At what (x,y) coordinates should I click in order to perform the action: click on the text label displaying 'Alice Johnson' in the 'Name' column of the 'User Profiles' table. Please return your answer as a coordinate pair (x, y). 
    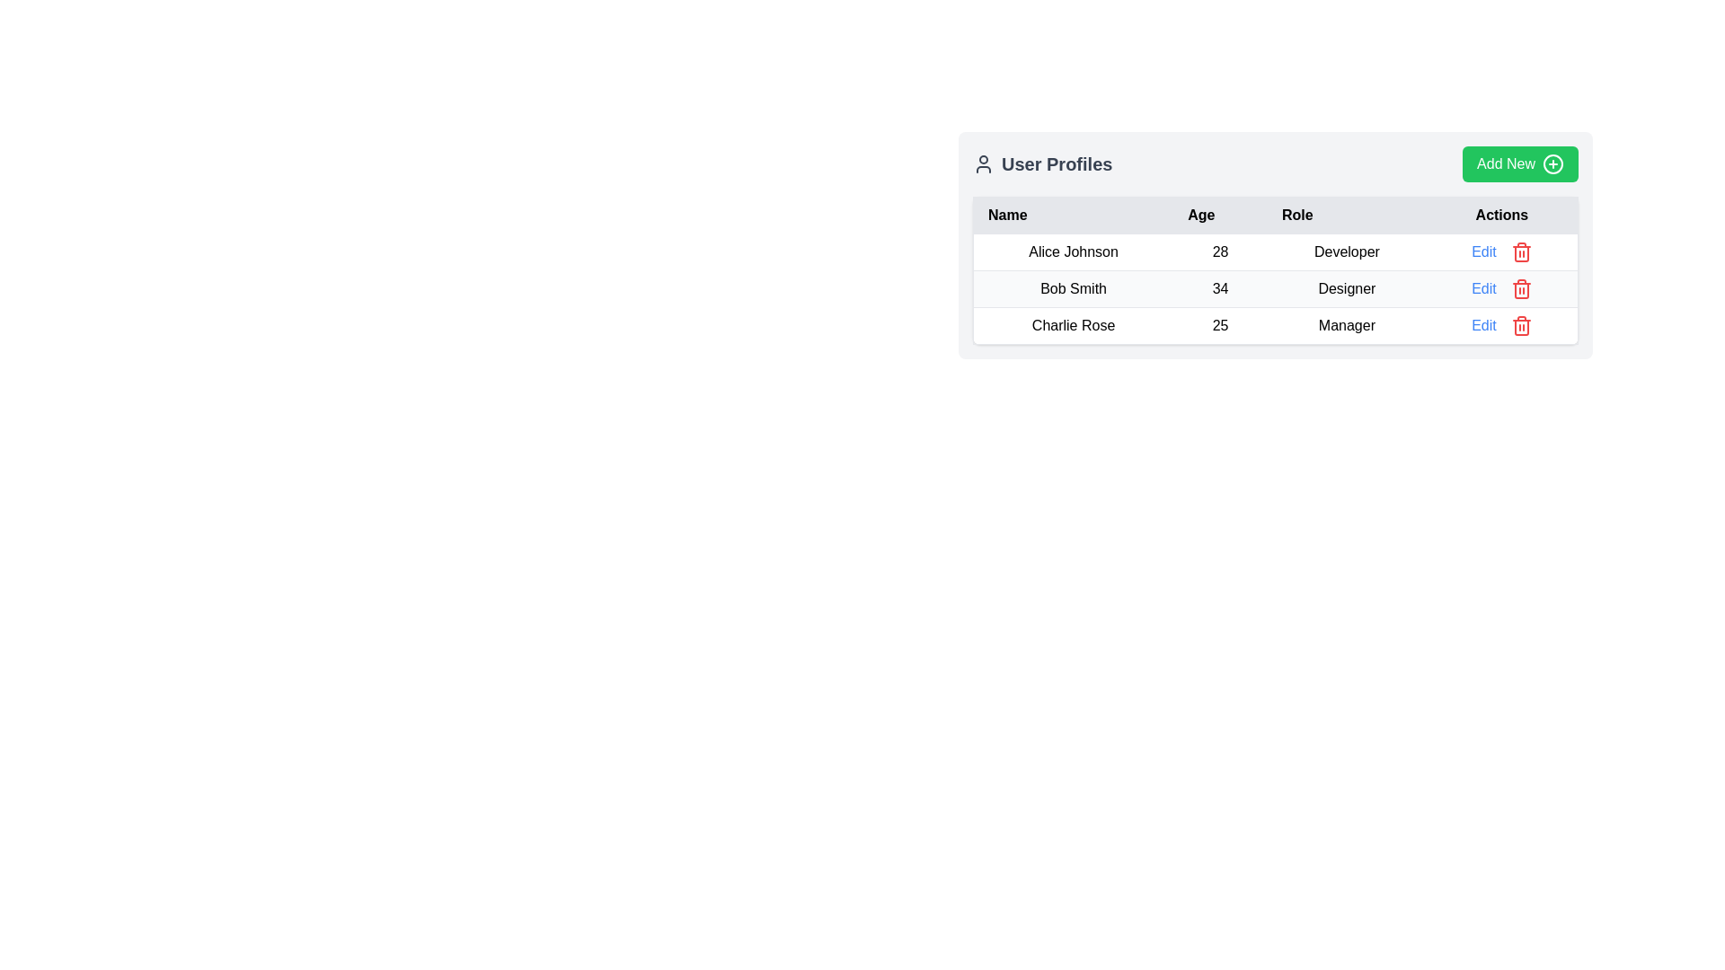
    Looking at the image, I should click on (1073, 252).